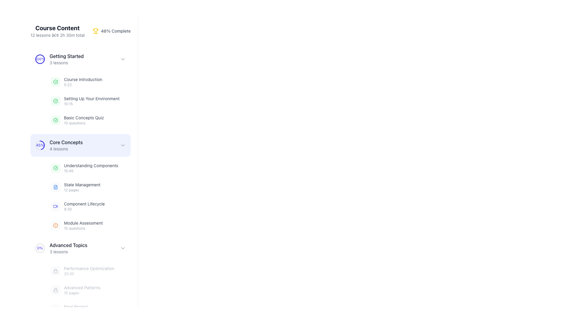  I want to click on the visual indicator icon for the 'Module Assessment' item, which is part of the 'Core Concepts' section and located to the left of the text 'Module Assessment', so click(56, 225).